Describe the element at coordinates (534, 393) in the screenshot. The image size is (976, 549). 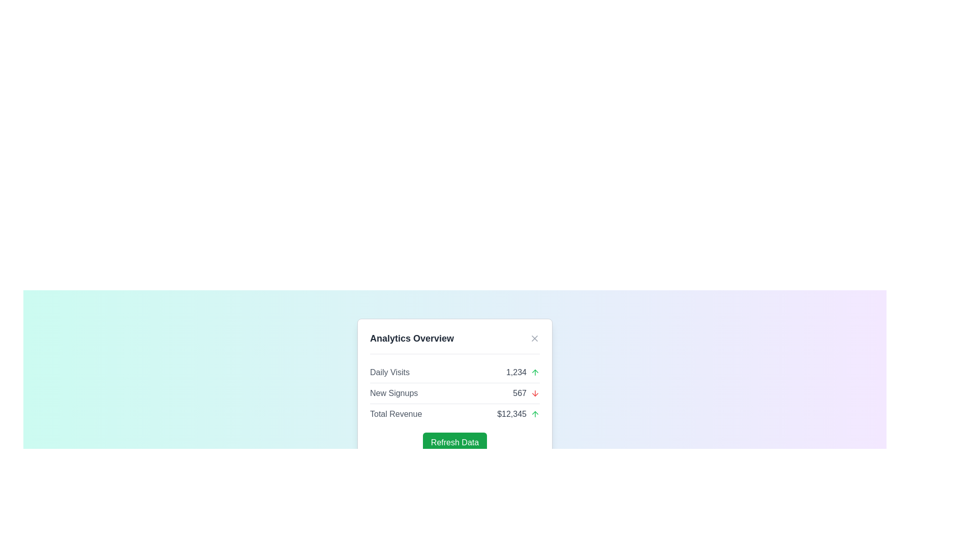
I see `the visual indicator icon located in the middle section of the 'Analytics Overview' card, next to the text 'New Signups' and to the right of the number '567'` at that location.